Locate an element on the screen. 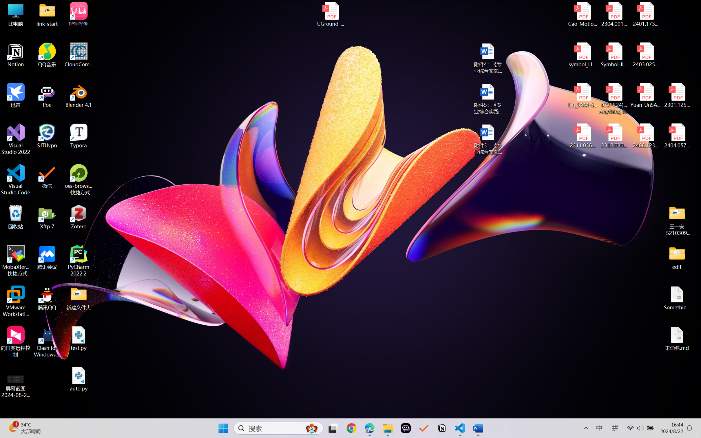 This screenshot has height=438, width=701. 'Blender 4.1' is located at coordinates (79, 95).